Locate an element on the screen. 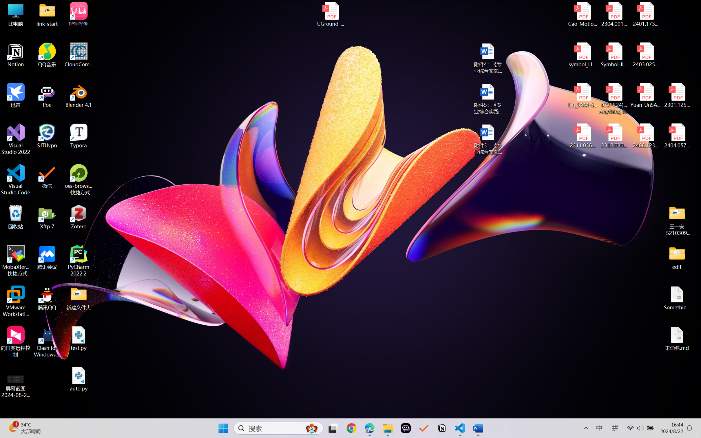 This screenshot has height=438, width=701. 'Blender 4.1' is located at coordinates (79, 95).